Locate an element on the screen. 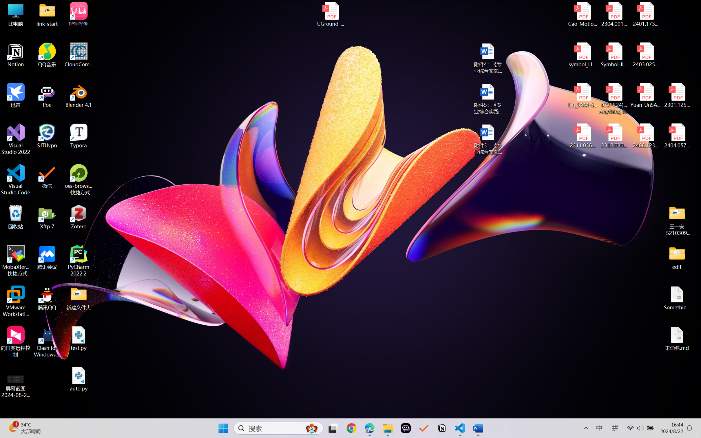 This screenshot has height=438, width=701. 'Blender 4.1' is located at coordinates (79, 95).